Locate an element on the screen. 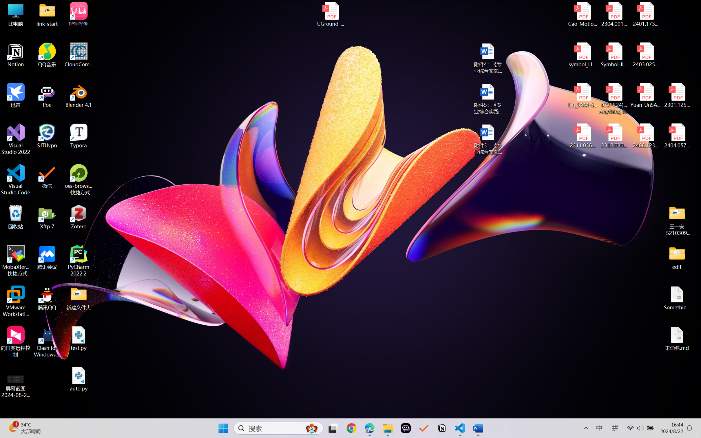 This screenshot has height=438, width=701. 'Blender 4.1' is located at coordinates (79, 95).